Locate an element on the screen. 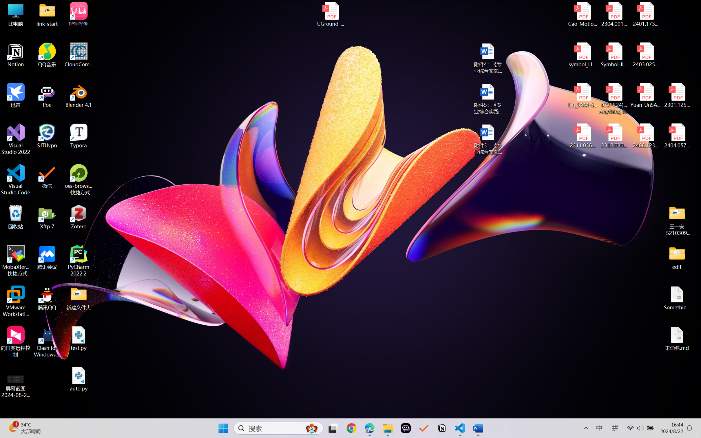 This screenshot has height=438, width=701. 'Blender 4.1' is located at coordinates (79, 95).